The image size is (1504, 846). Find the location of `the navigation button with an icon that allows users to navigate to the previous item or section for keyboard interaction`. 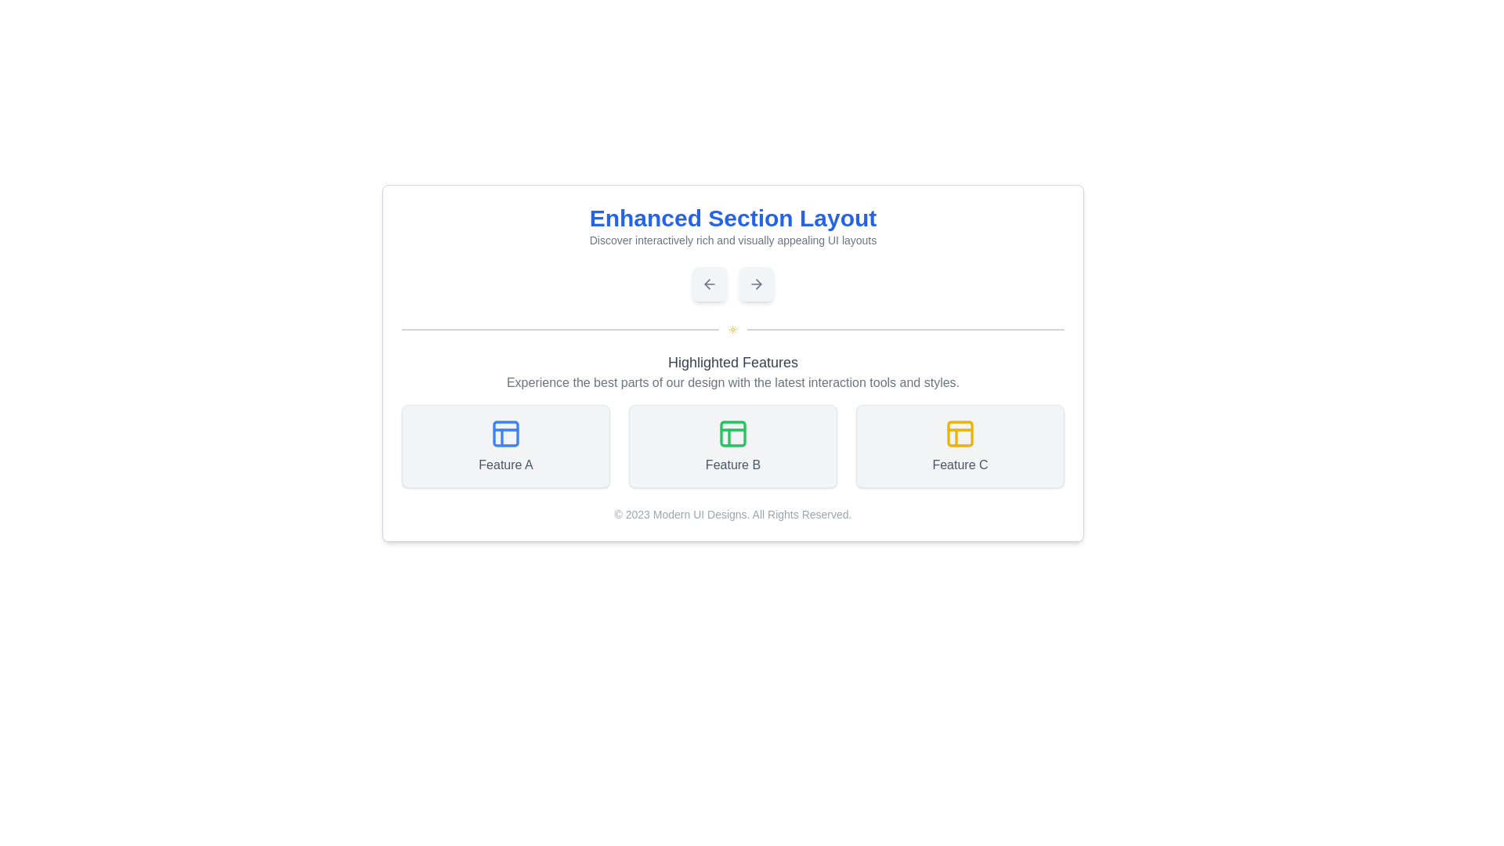

the navigation button with an icon that allows users to navigate to the previous item or section for keyboard interaction is located at coordinates (709, 284).